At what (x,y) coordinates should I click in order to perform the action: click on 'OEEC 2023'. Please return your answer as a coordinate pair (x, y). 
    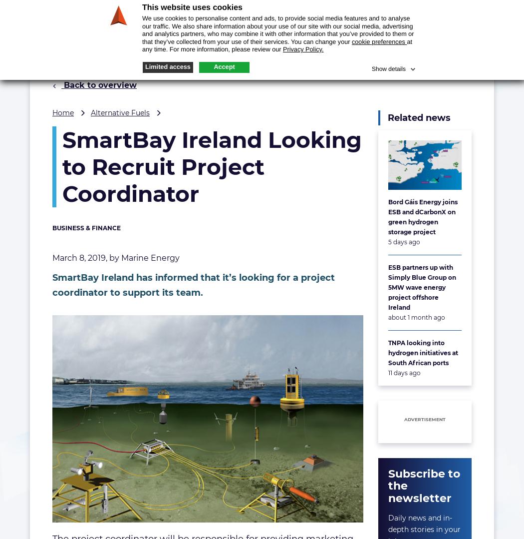
    Looking at the image, I should click on (411, 9).